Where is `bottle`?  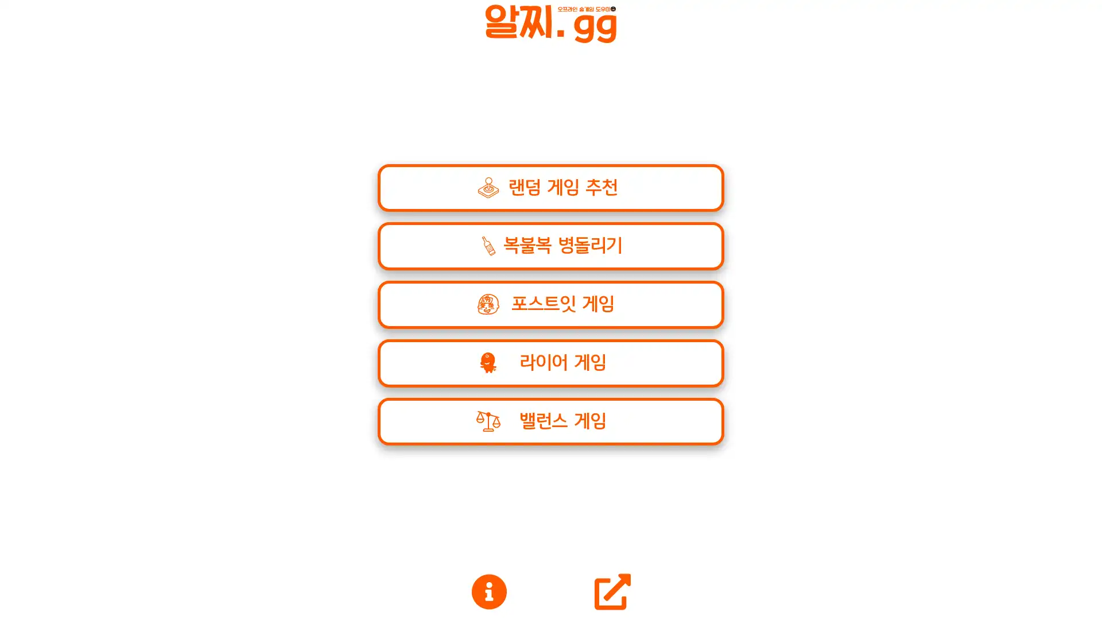
bottle is located at coordinates (550, 245).